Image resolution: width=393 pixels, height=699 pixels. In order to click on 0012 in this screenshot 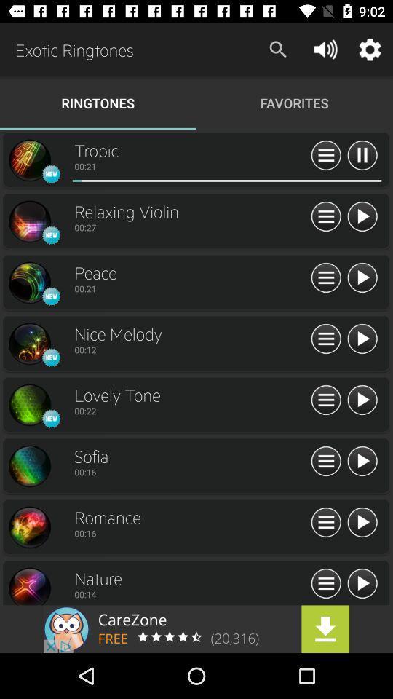, I will do `click(191, 349)`.